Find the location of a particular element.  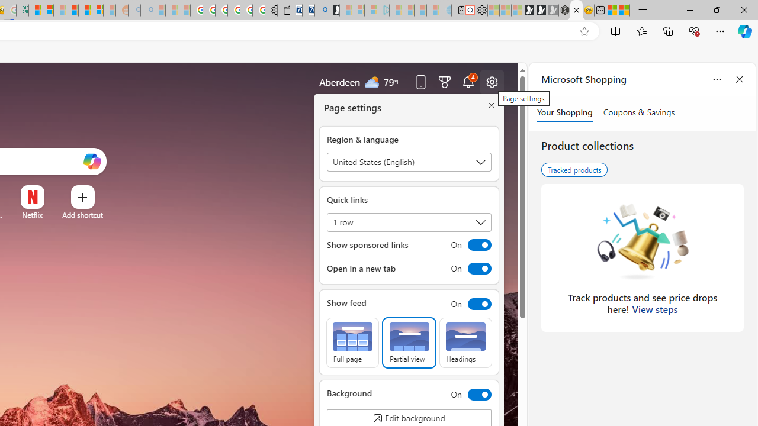

'Full page' is located at coordinates (352, 343).